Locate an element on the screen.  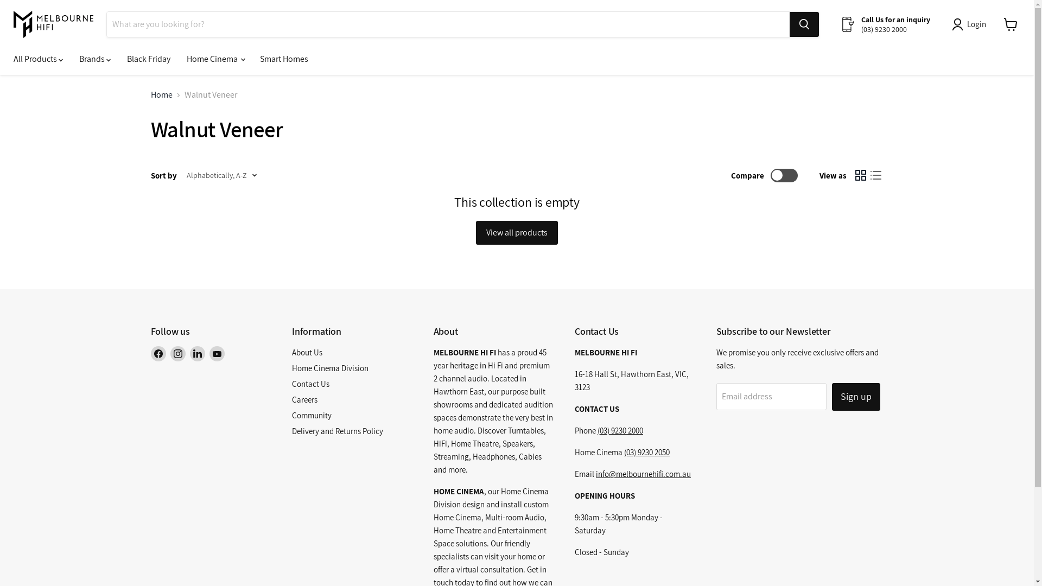
'Careers' is located at coordinates (291, 399).